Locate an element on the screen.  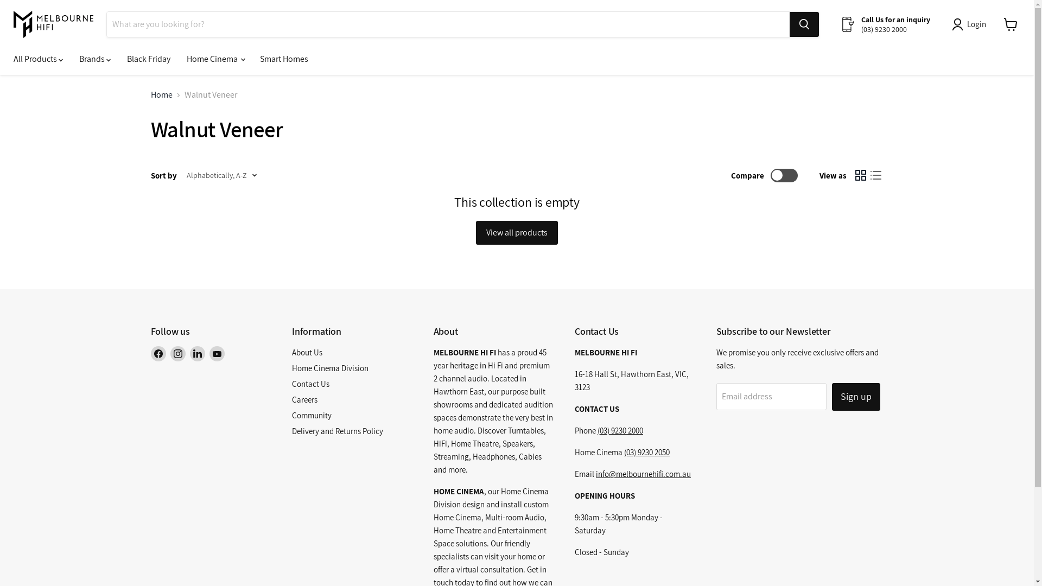
'Careers' is located at coordinates (291, 399).